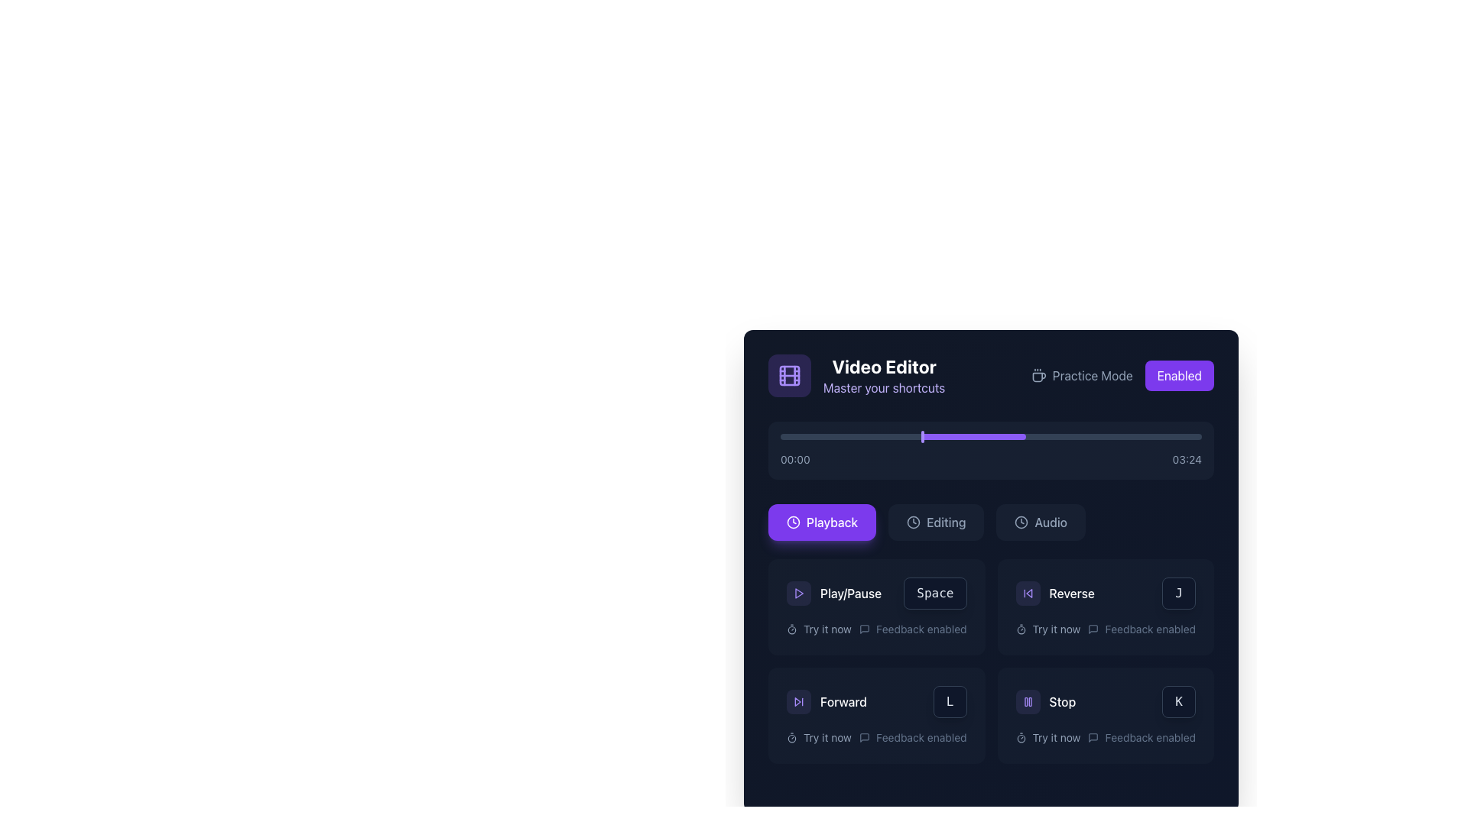 This screenshot has width=1468, height=825. I want to click on the playback time, so click(1029, 436).